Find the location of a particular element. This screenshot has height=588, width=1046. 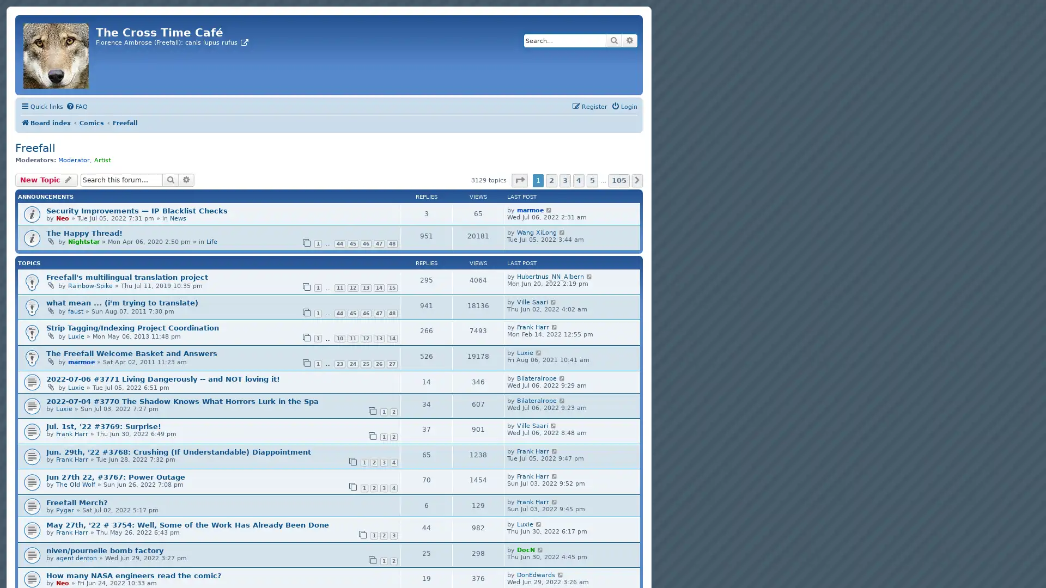

Search is located at coordinates (614, 40).